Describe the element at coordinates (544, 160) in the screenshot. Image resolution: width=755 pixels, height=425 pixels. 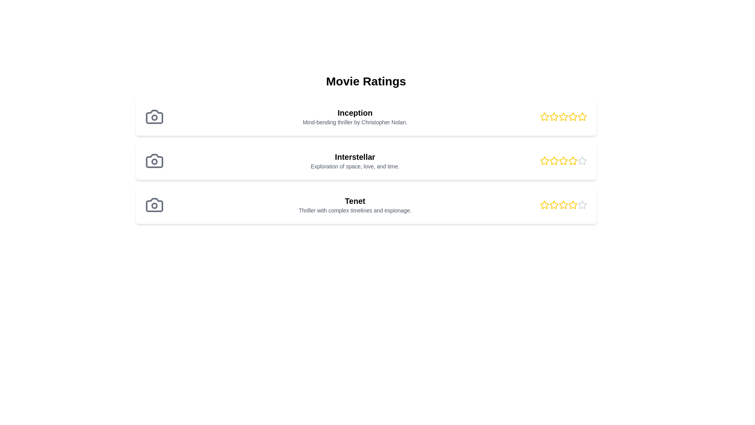
I see `the second star in the rating system next to the 'Interstellar' movie title` at that location.